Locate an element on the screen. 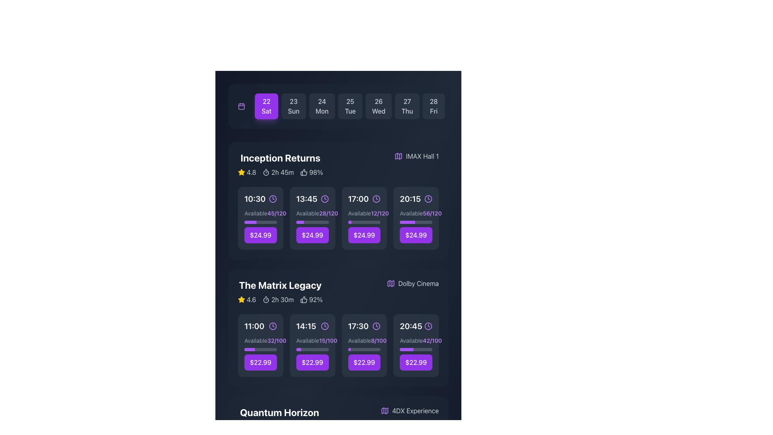 The image size is (773, 435). the clock icon with a purple outline representing time, located in the second row of movie showtimes under 'The Matrix Legacy', to the right of '14:15' is located at coordinates (324, 326).